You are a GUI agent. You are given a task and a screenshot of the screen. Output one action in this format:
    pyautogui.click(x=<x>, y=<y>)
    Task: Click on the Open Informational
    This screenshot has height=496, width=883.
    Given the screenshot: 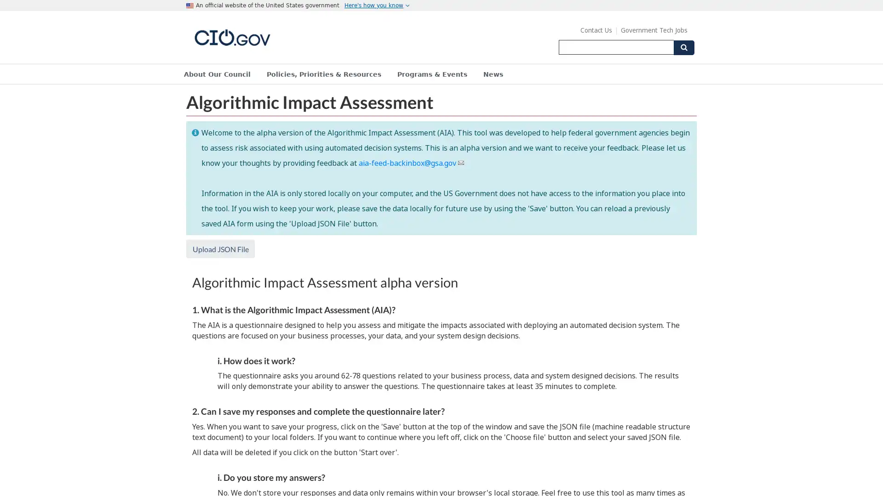 What is the action you would take?
    pyautogui.click(x=407, y=5)
    